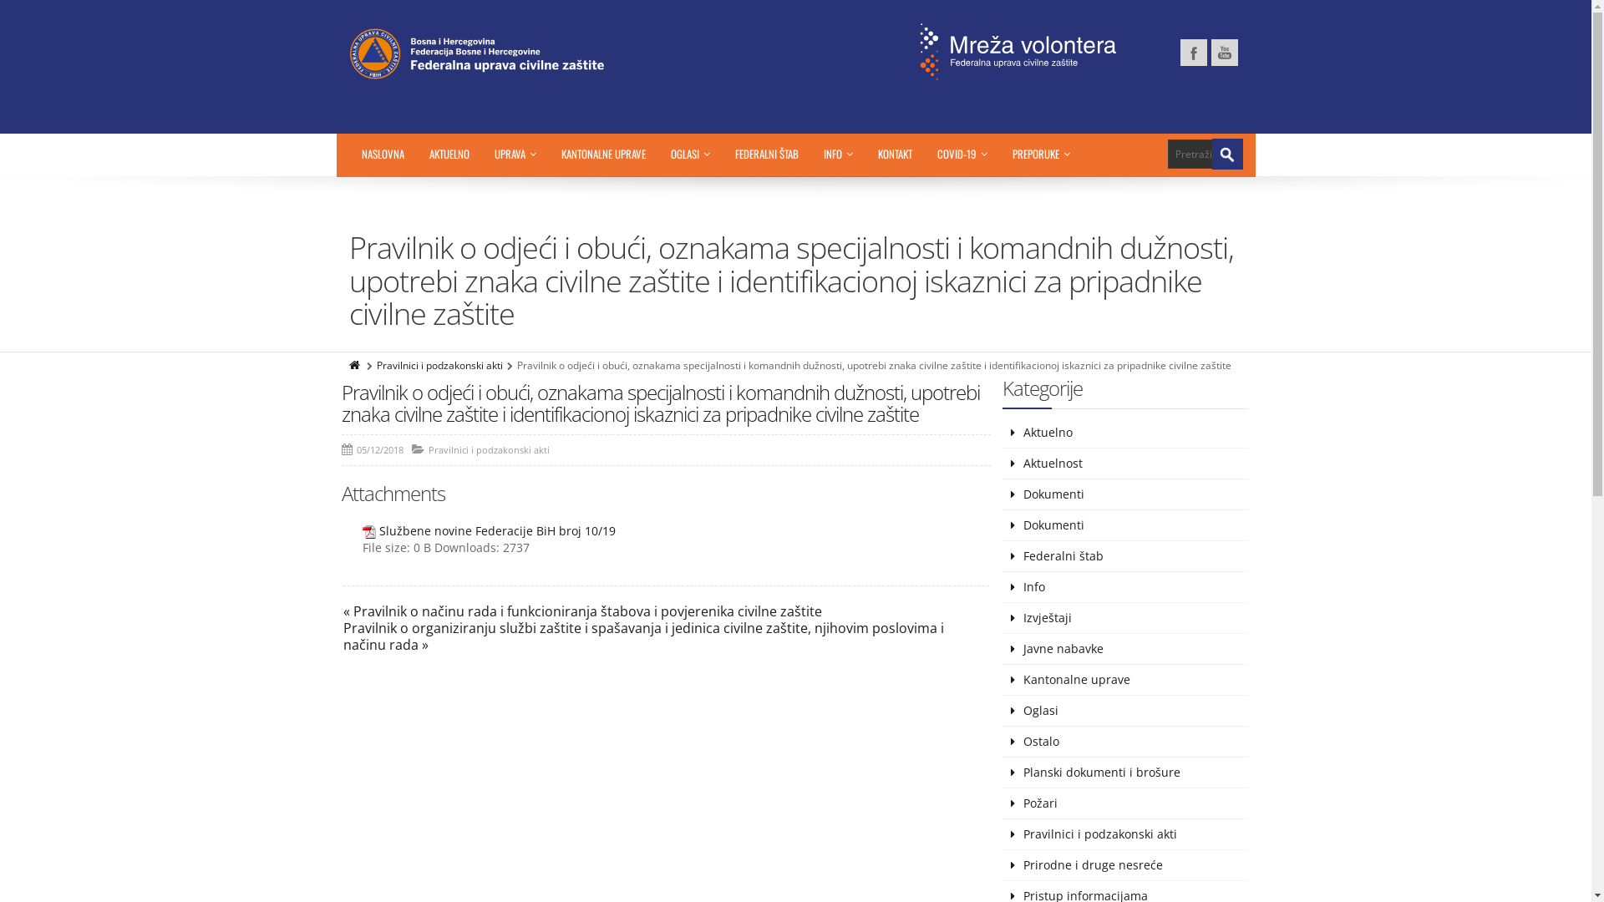 The width and height of the screenshot is (1604, 902). What do you see at coordinates (382, 154) in the screenshot?
I see `'NASLOVNA'` at bounding box center [382, 154].